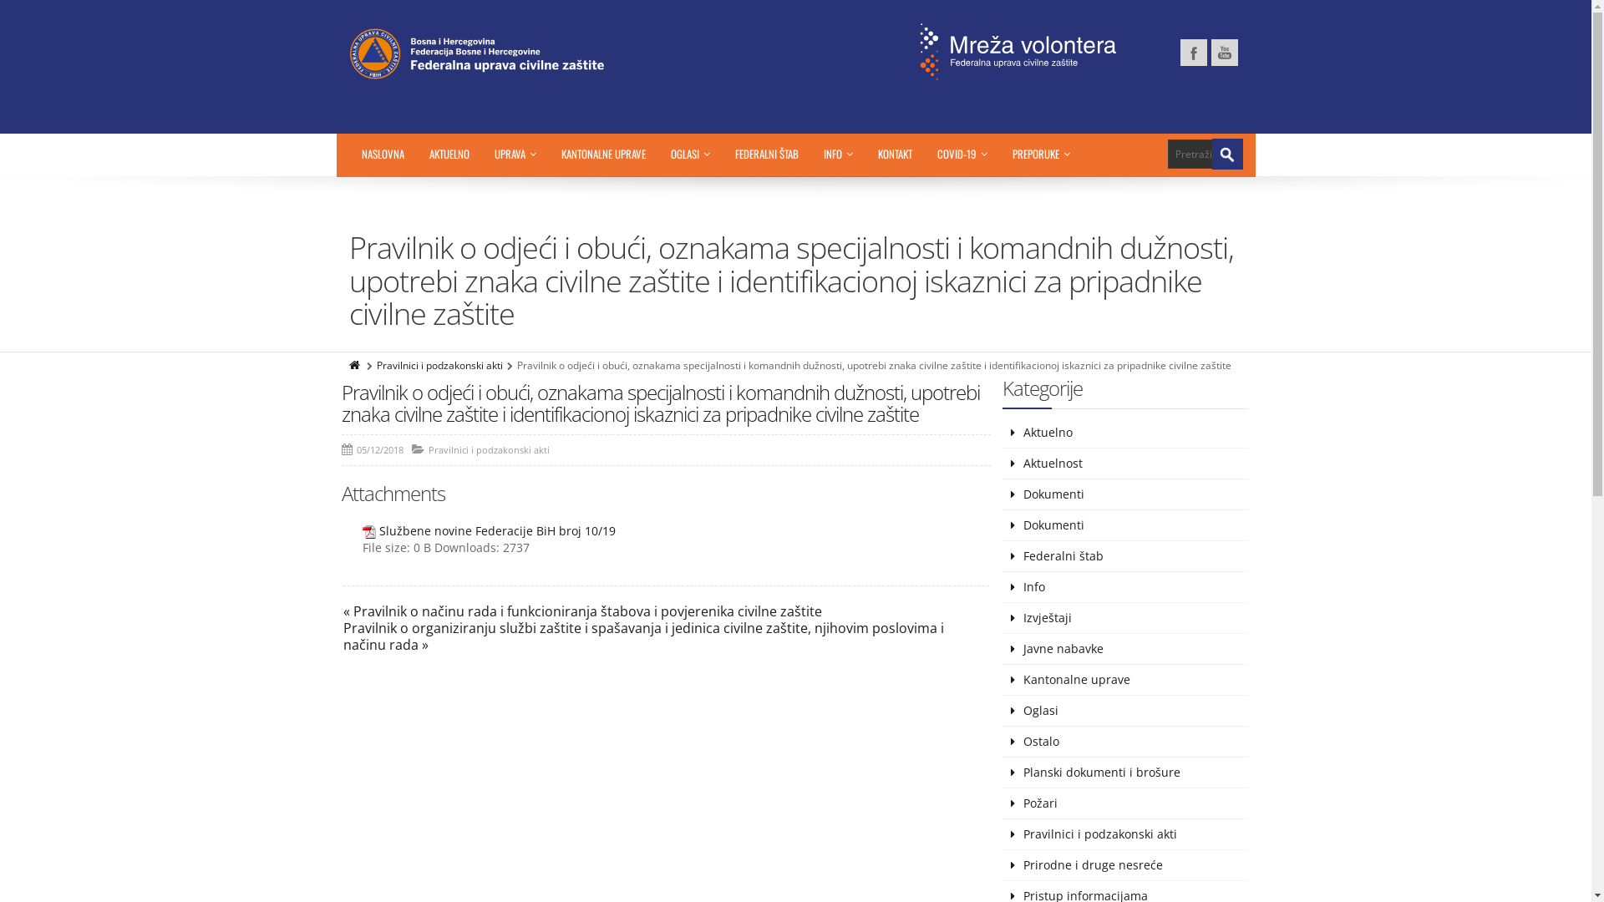 The width and height of the screenshot is (1604, 902). What do you see at coordinates (382, 154) in the screenshot?
I see `'NASLOVNA'` at bounding box center [382, 154].